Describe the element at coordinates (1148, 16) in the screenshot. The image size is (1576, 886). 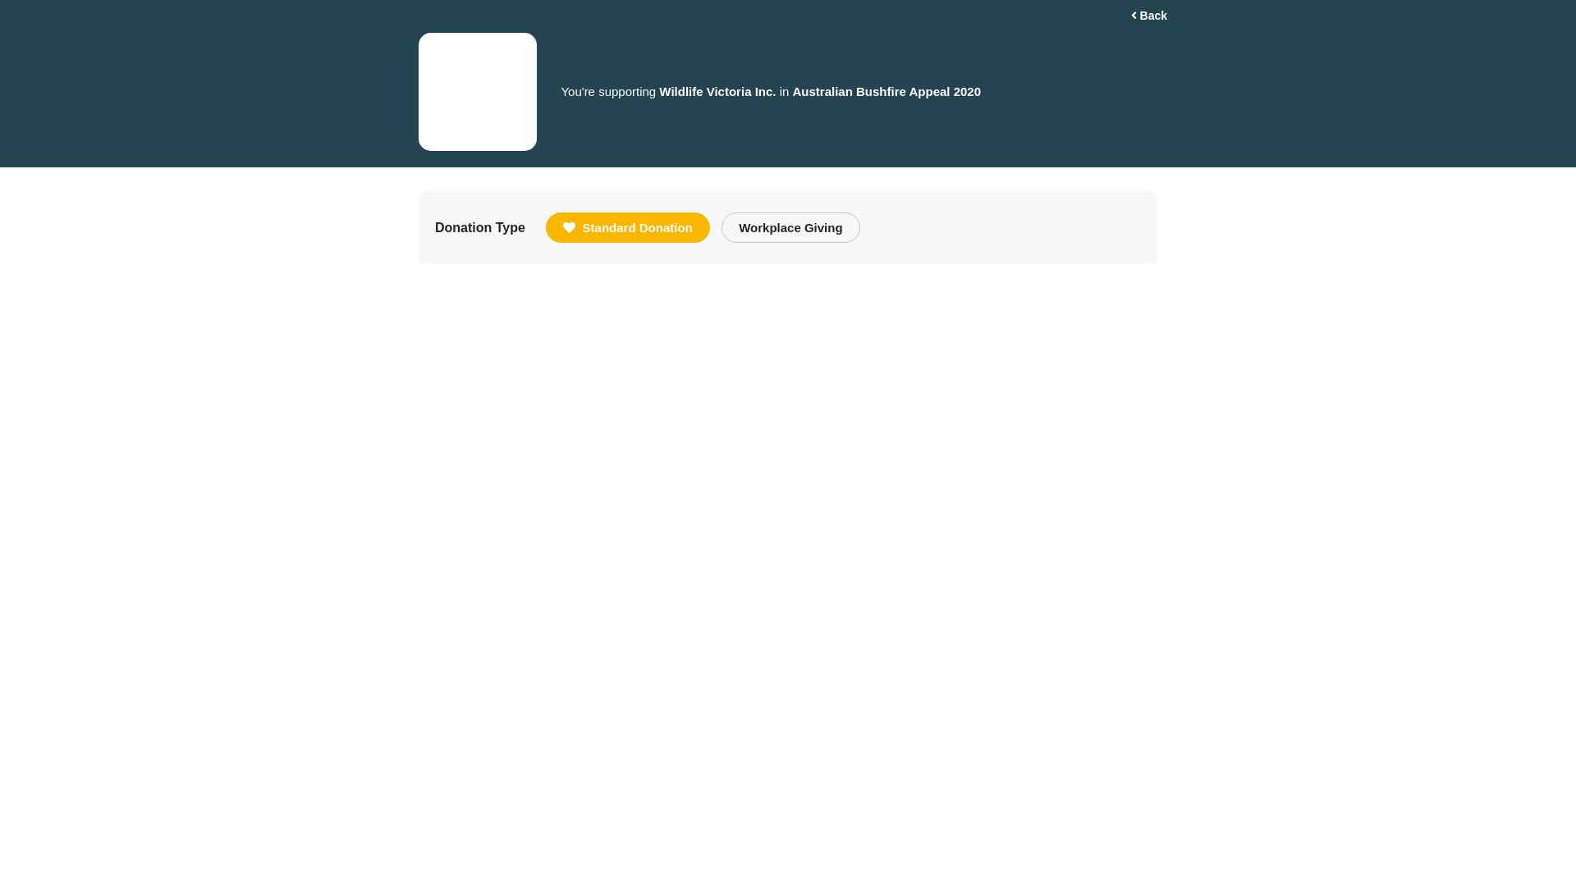
I see `'Back'` at that location.